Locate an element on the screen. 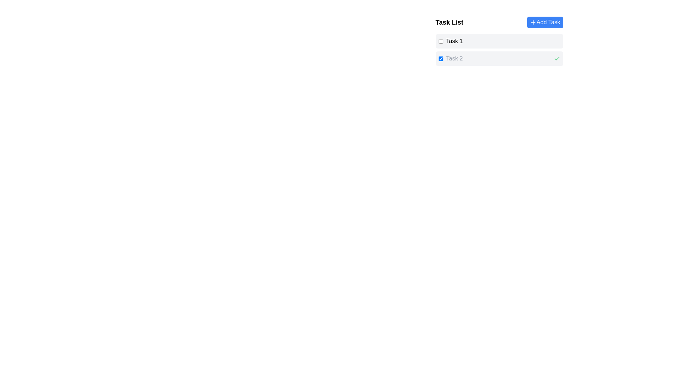 Image resolution: width=696 pixels, height=391 pixels. the 'Add Task' button icon located in the top-right corner of the task management UI is located at coordinates (533, 22).